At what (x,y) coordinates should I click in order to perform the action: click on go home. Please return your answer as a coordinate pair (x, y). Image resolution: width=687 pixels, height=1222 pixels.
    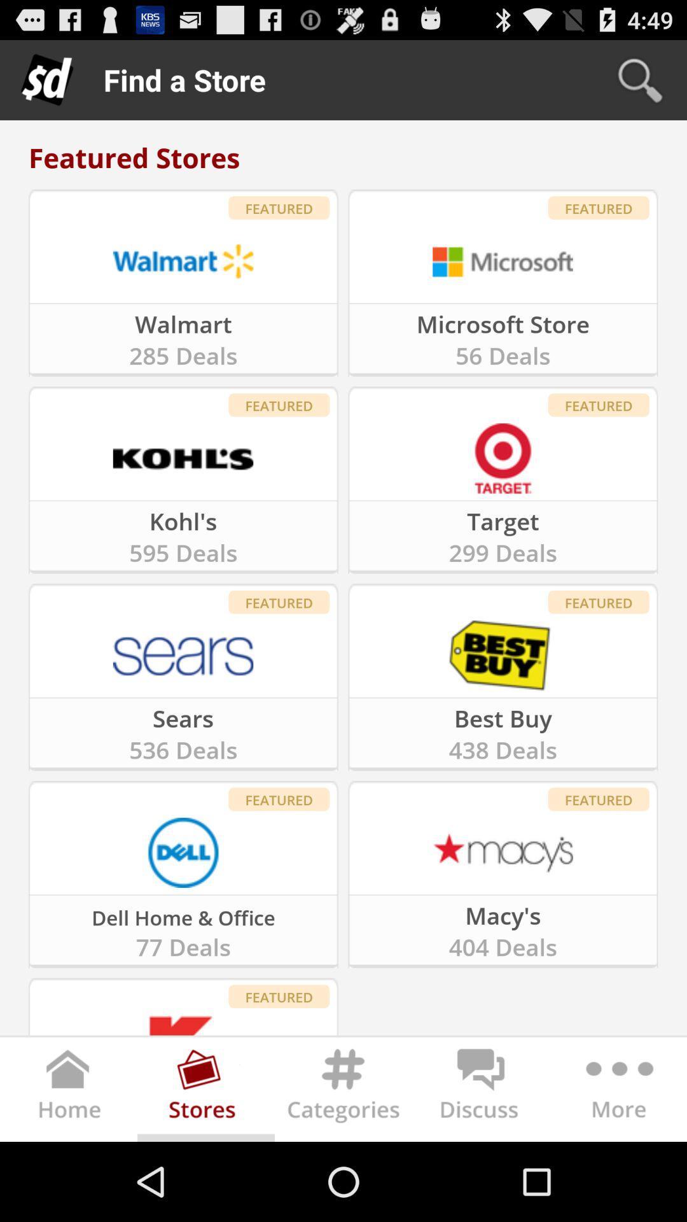
    Looking at the image, I should click on (69, 1092).